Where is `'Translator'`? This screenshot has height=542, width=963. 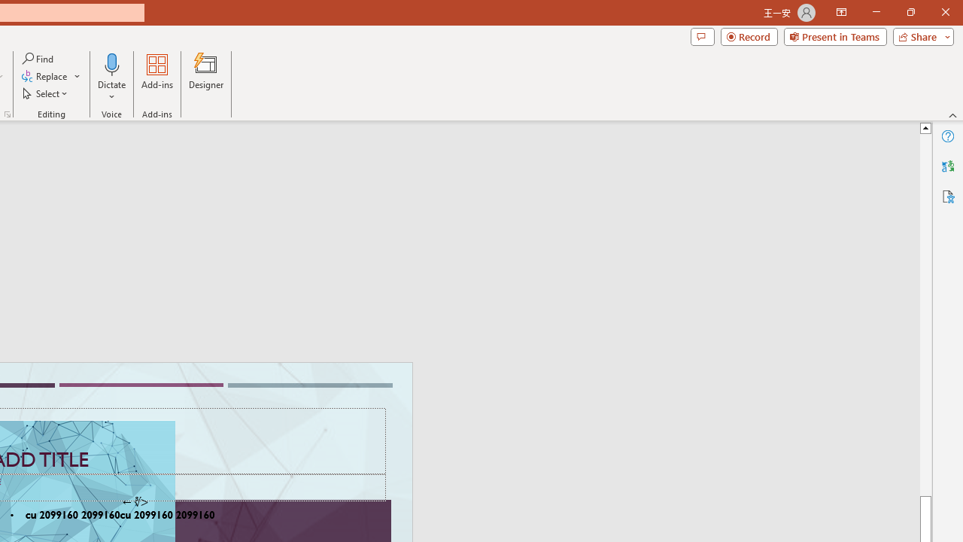
'Translator' is located at coordinates (947, 166).